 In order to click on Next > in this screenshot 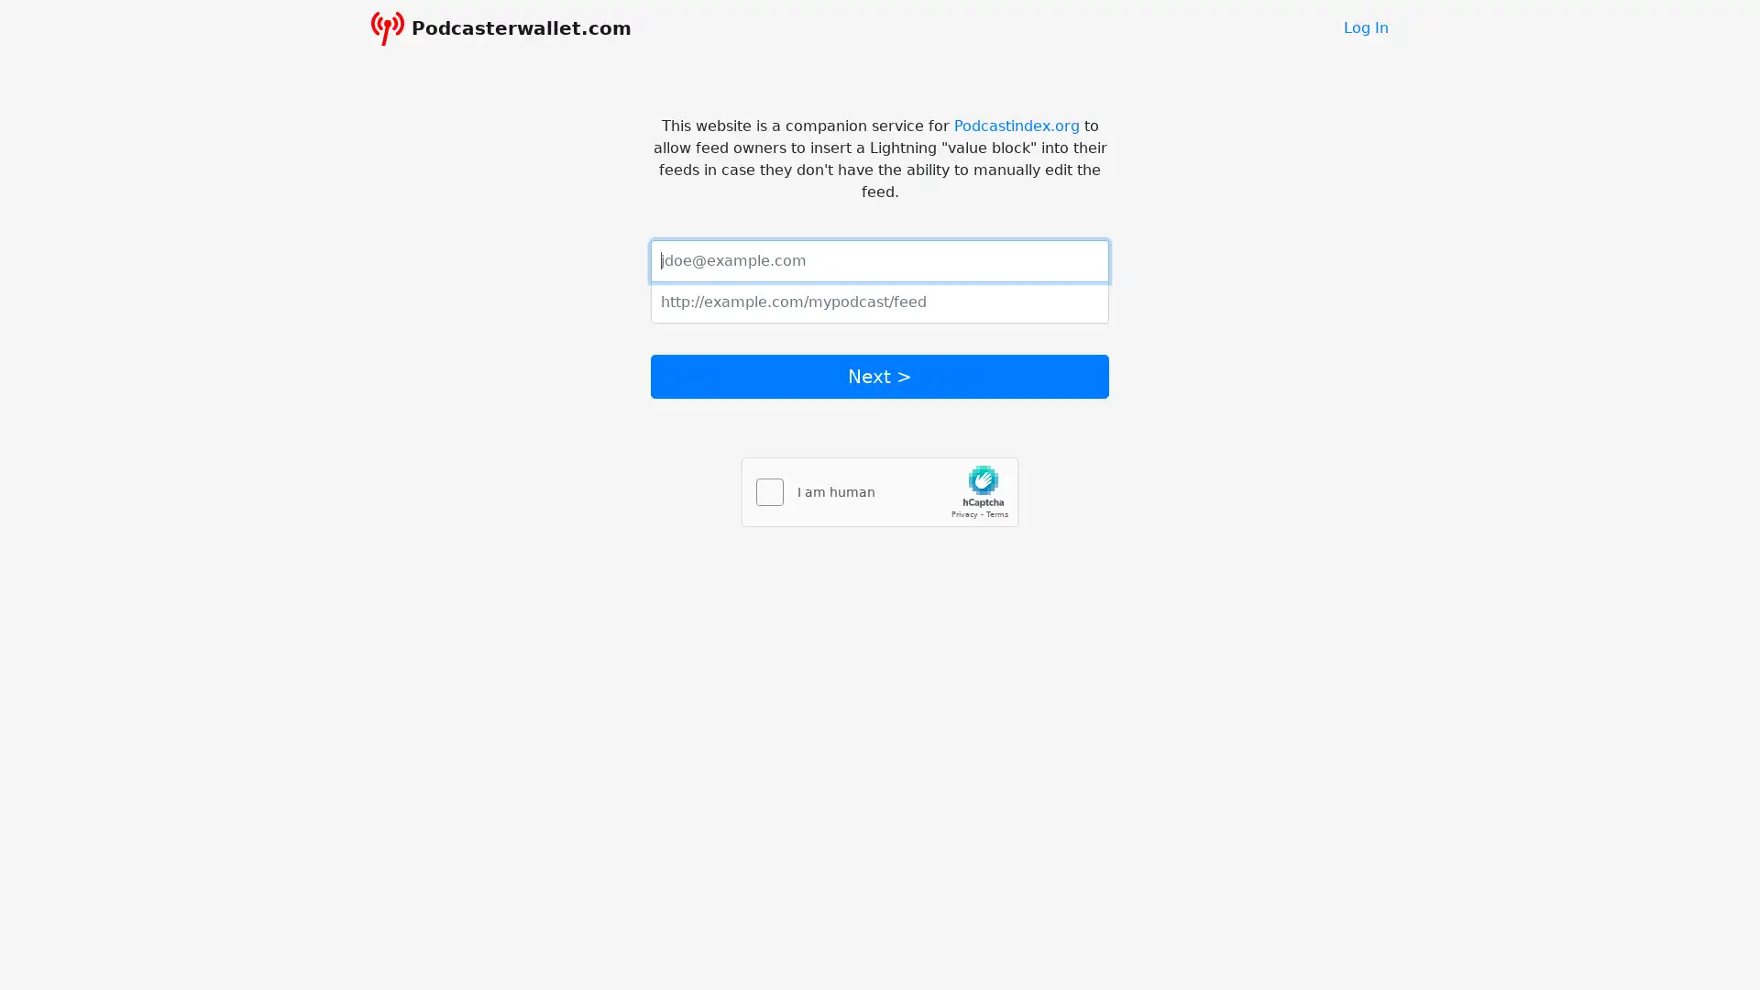, I will do `click(880, 374)`.